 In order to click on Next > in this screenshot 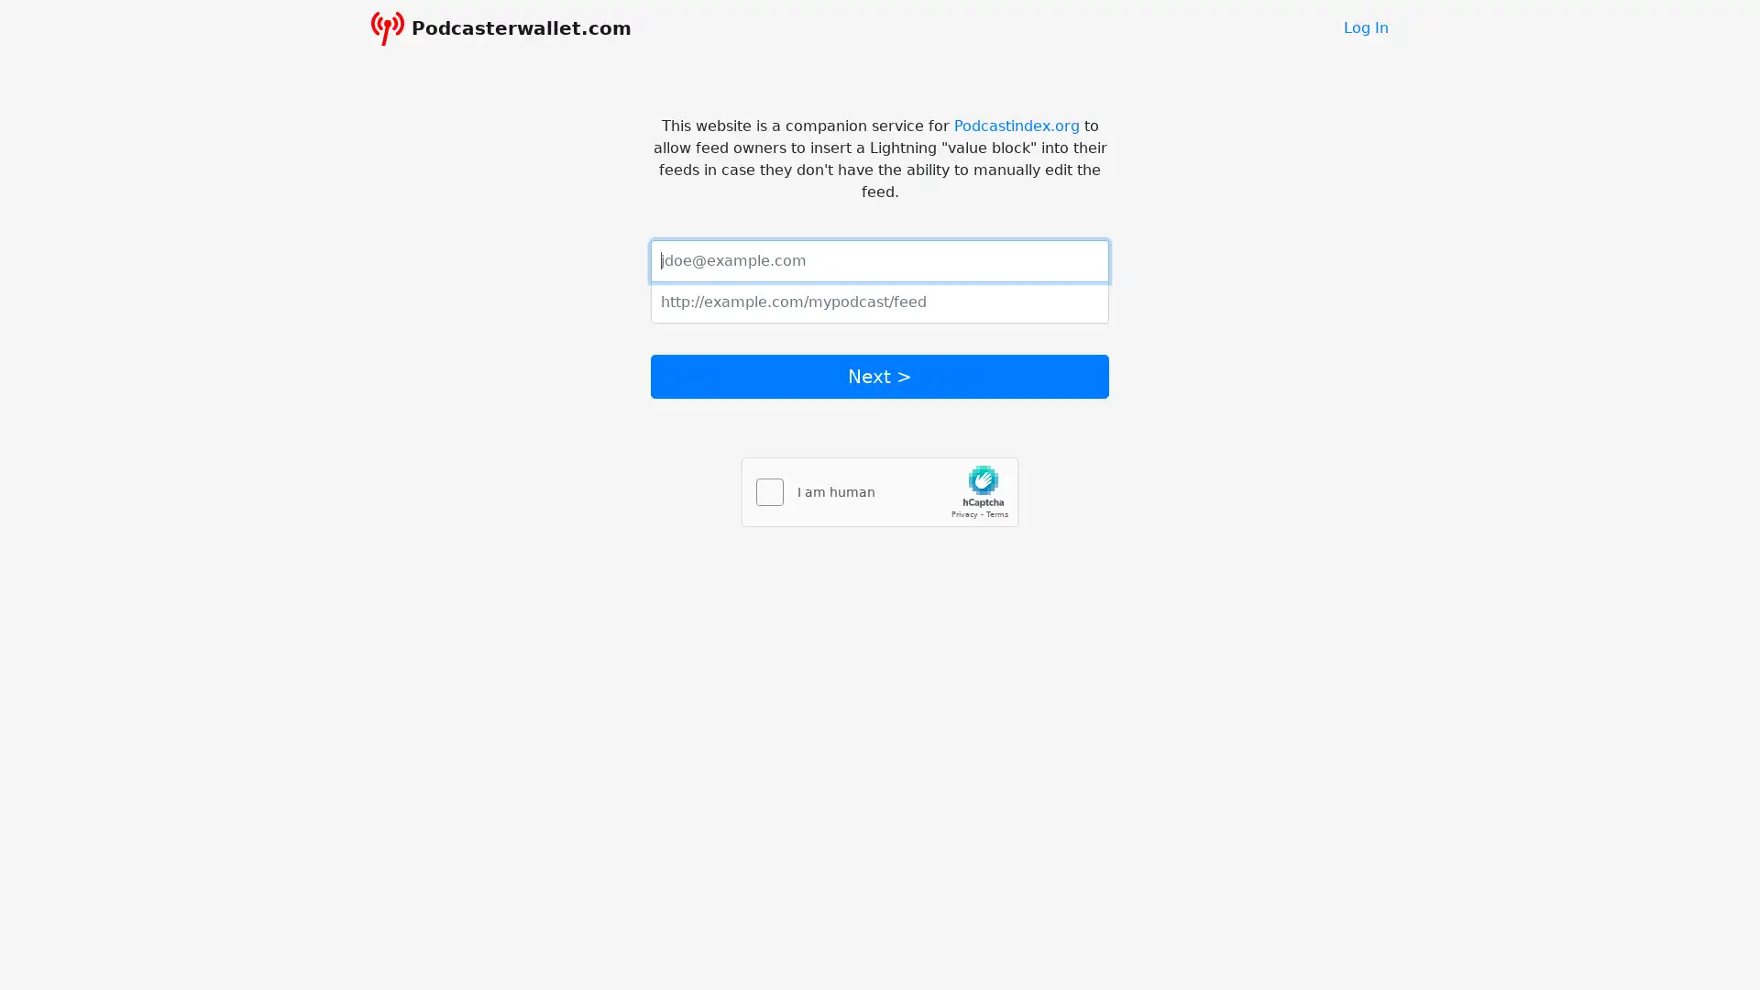, I will do `click(880, 374)`.